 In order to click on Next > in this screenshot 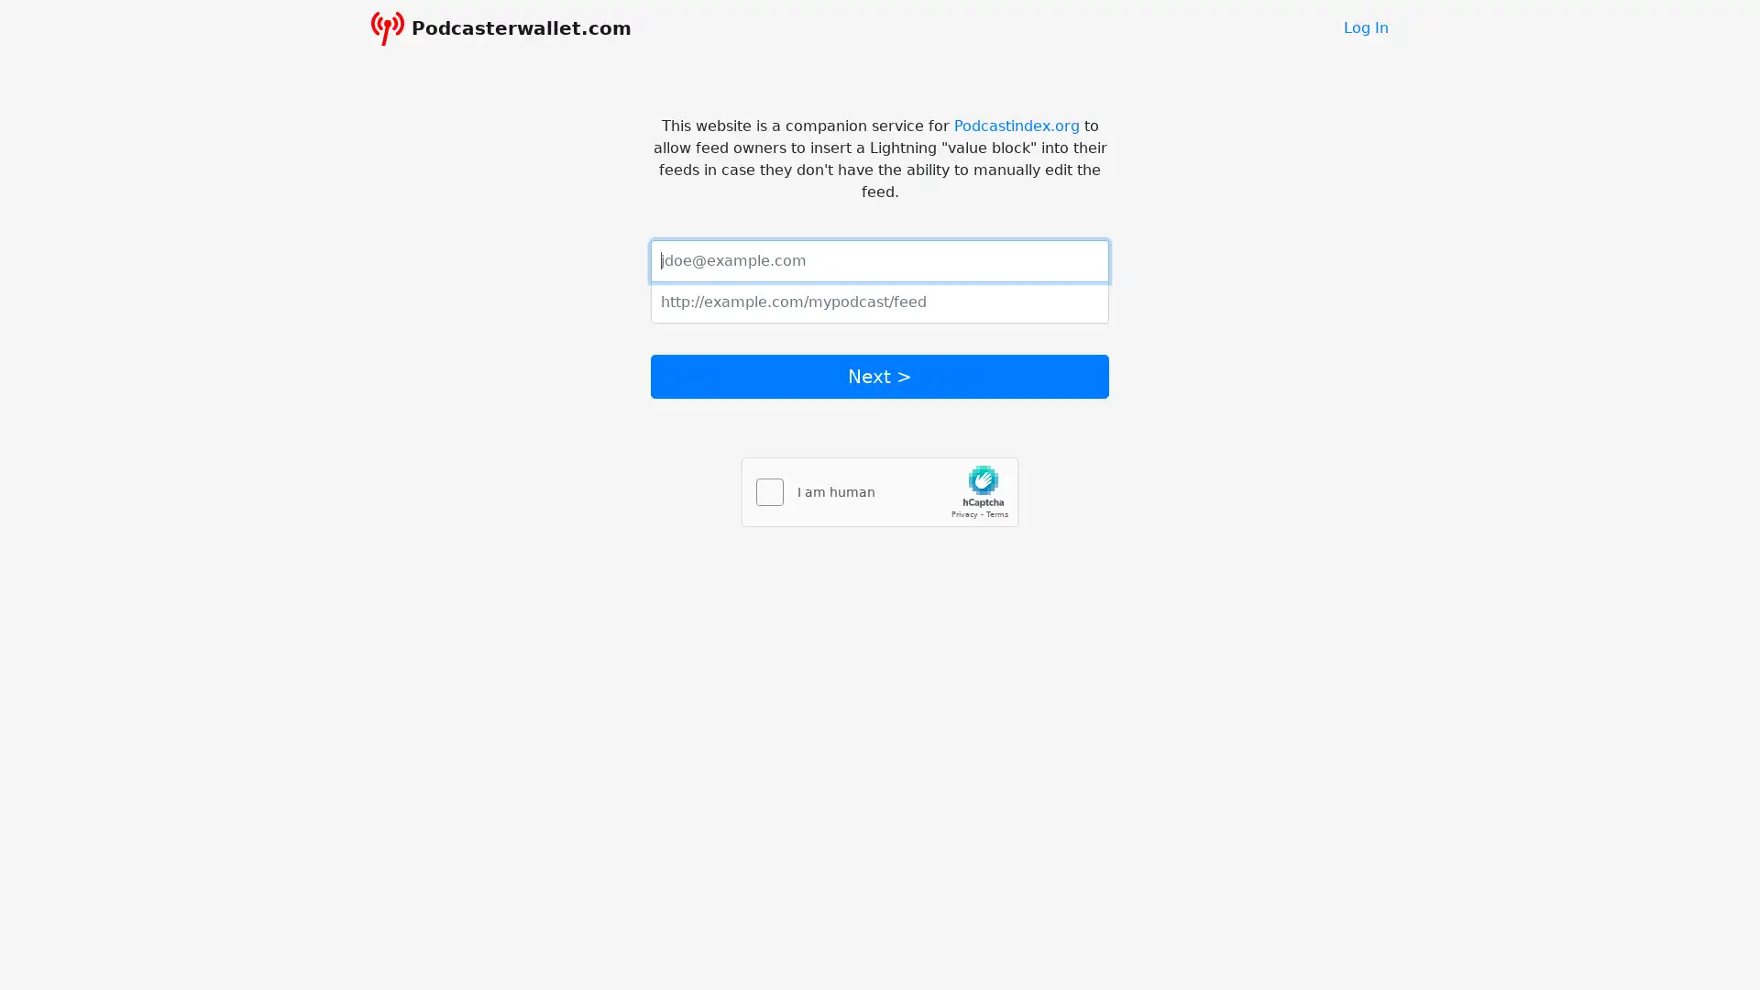, I will do `click(880, 374)`.